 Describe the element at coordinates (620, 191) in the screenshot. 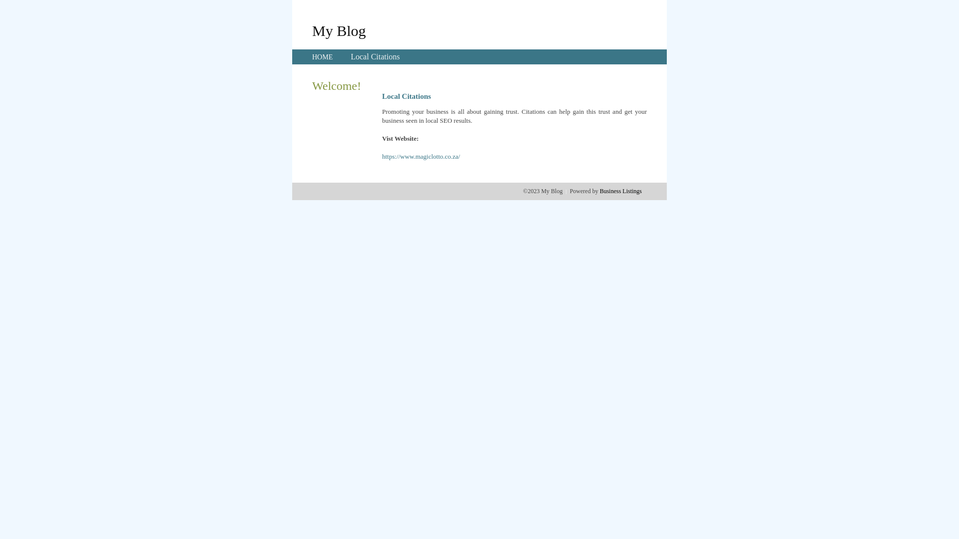

I see `'Business Listings'` at that location.